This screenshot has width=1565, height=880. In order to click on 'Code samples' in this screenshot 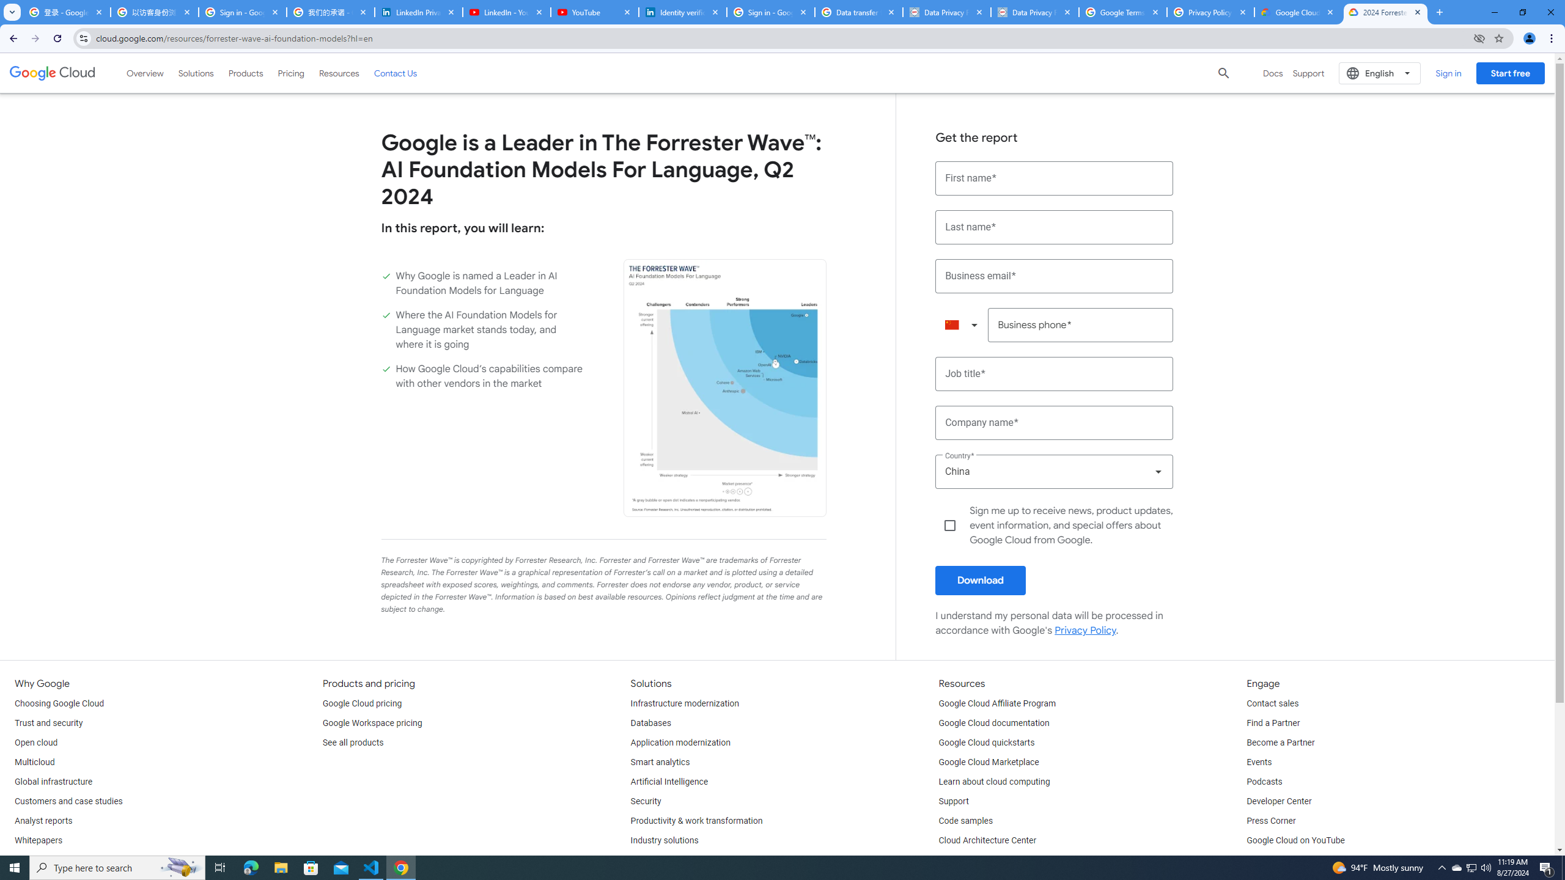, I will do `click(965, 821)`.